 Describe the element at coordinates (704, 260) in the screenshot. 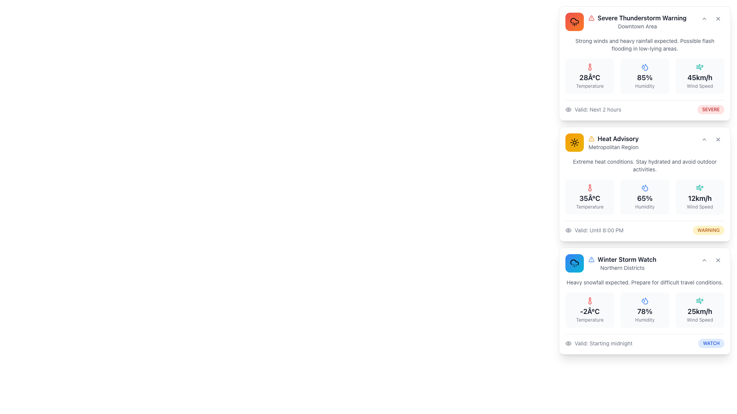

I see `the dropdown icon located in the top-right corner of the 'Winter Storm Watch' card` at that location.